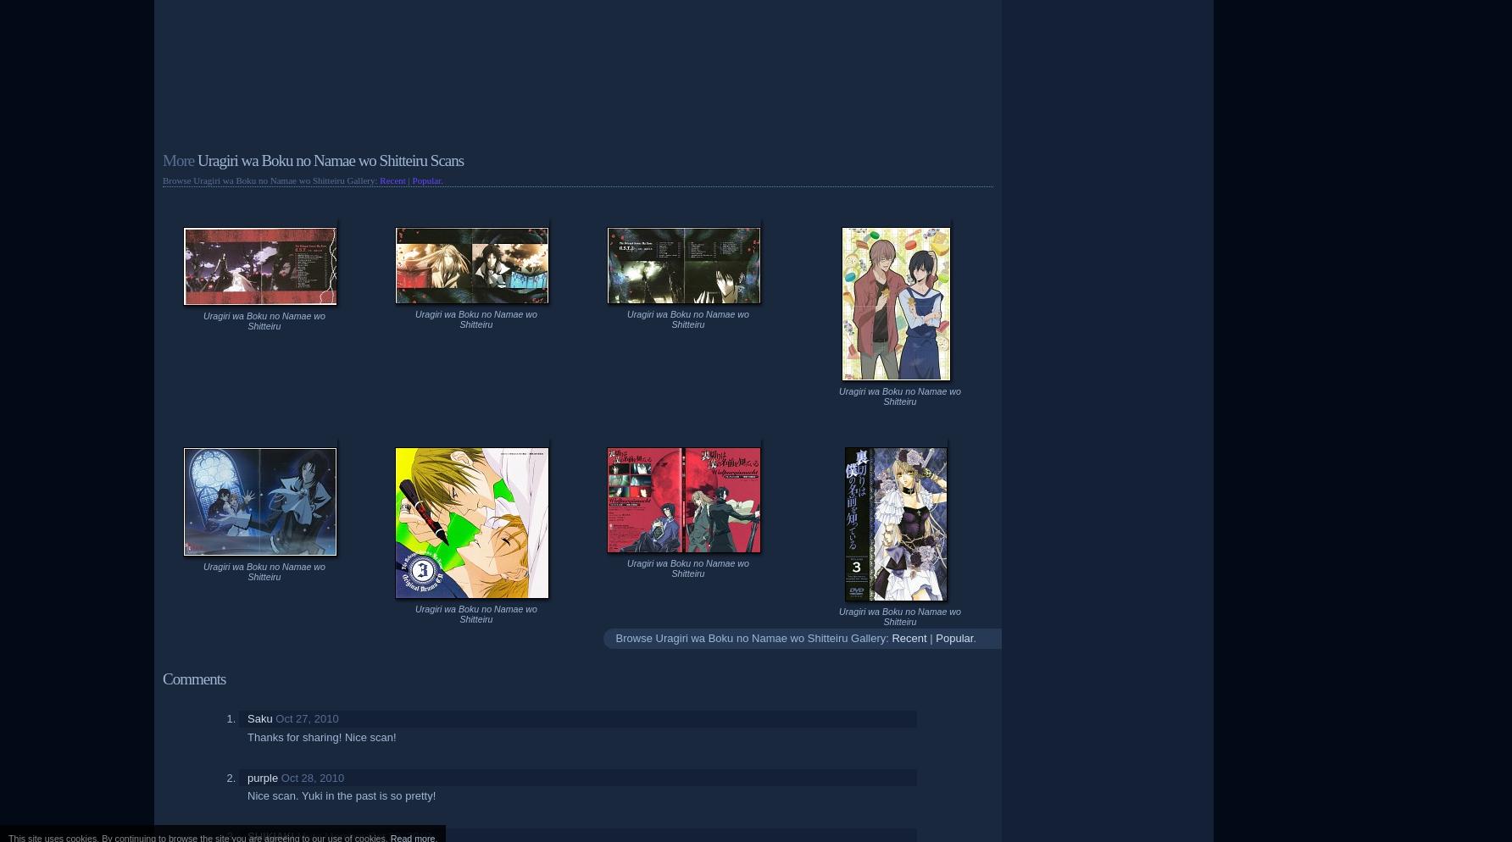 This screenshot has height=842, width=1512. I want to click on 'Oct 27, 2010', so click(305, 717).